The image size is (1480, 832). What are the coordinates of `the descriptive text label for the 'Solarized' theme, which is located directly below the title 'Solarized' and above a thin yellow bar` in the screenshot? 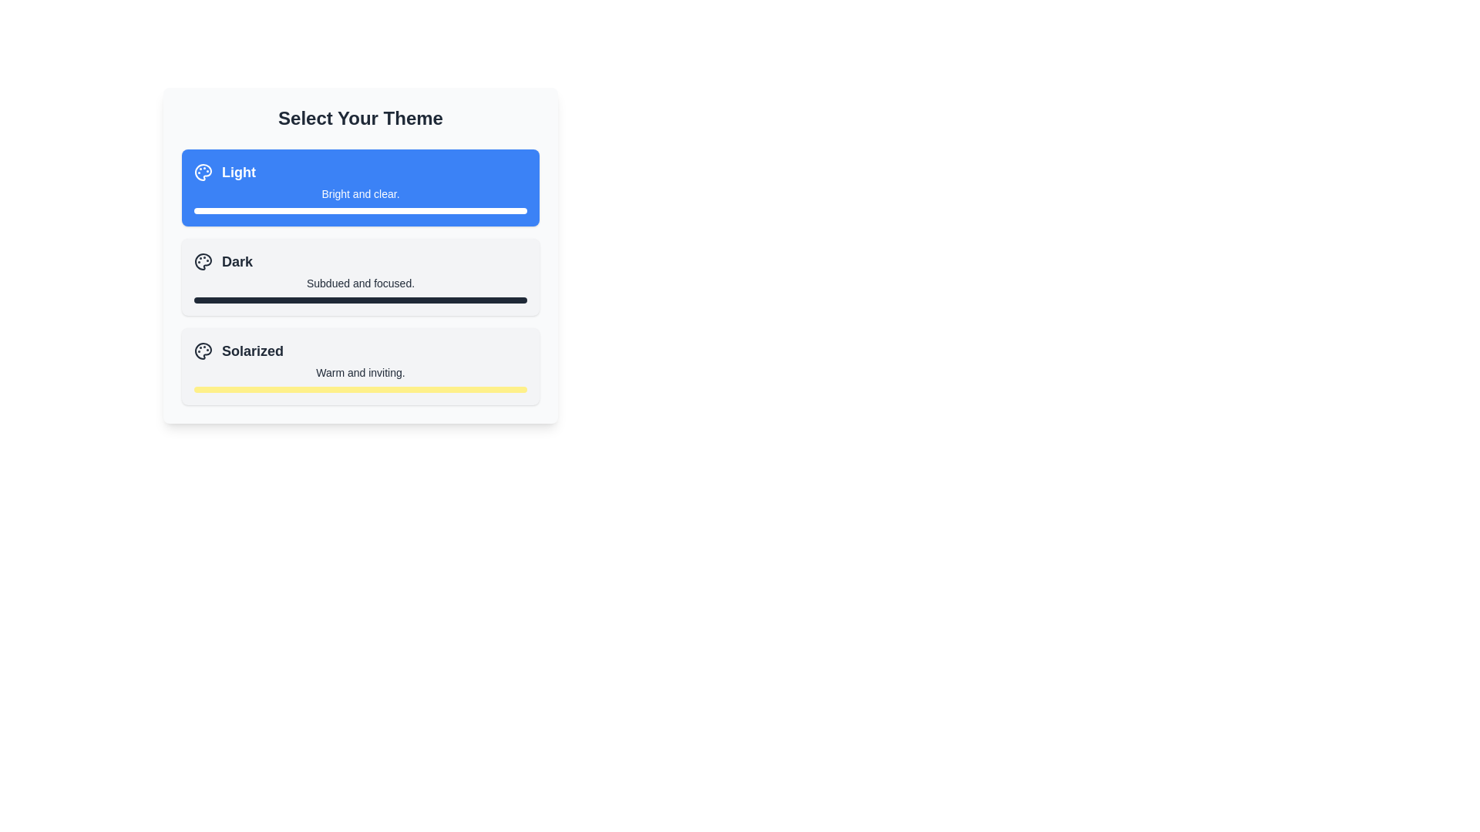 It's located at (359, 372).